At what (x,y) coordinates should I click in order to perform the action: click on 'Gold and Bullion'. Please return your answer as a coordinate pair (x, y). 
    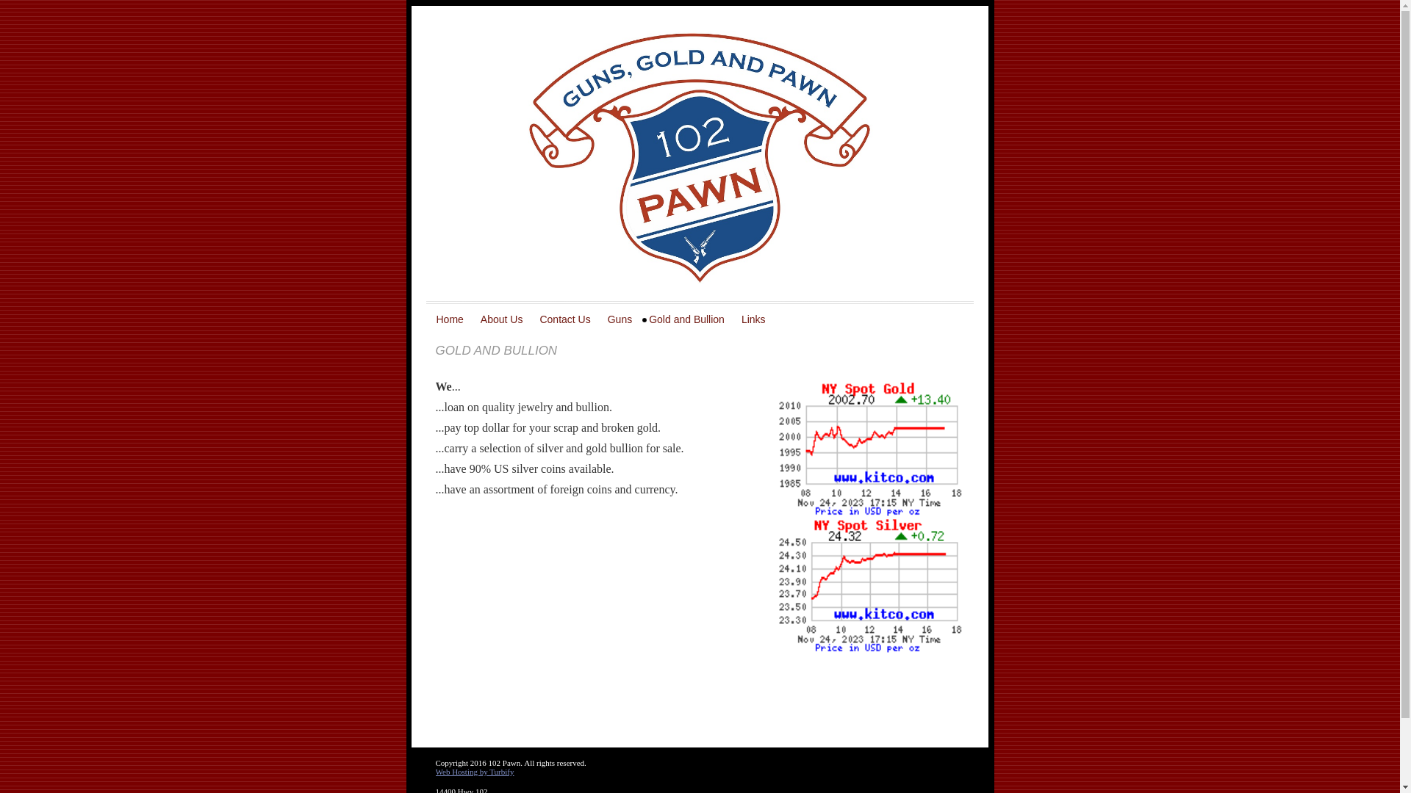
    Looking at the image, I should click on (642, 319).